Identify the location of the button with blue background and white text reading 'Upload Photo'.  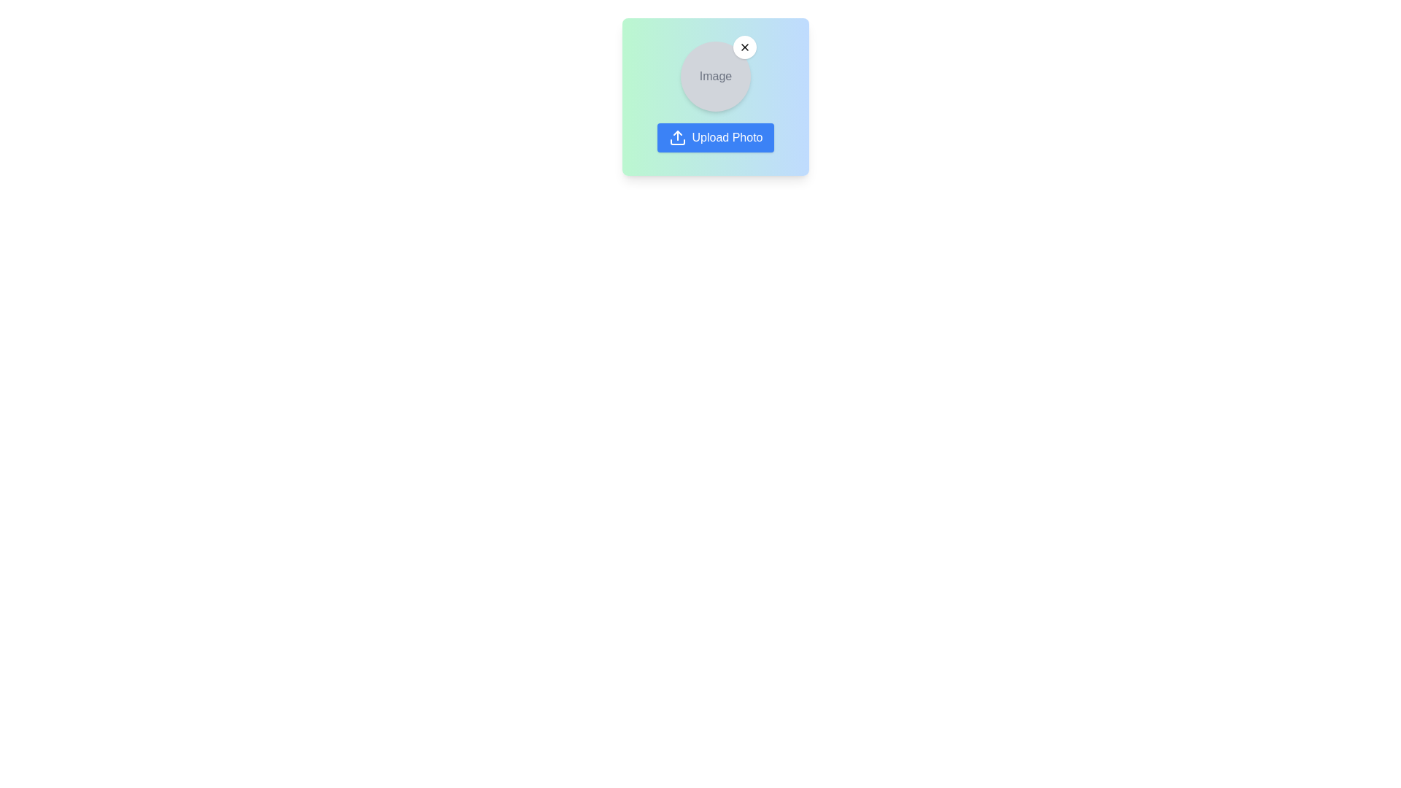
(715, 138).